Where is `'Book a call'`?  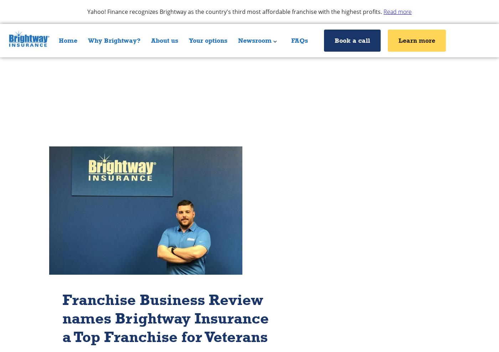
'Book a call' is located at coordinates (352, 41).